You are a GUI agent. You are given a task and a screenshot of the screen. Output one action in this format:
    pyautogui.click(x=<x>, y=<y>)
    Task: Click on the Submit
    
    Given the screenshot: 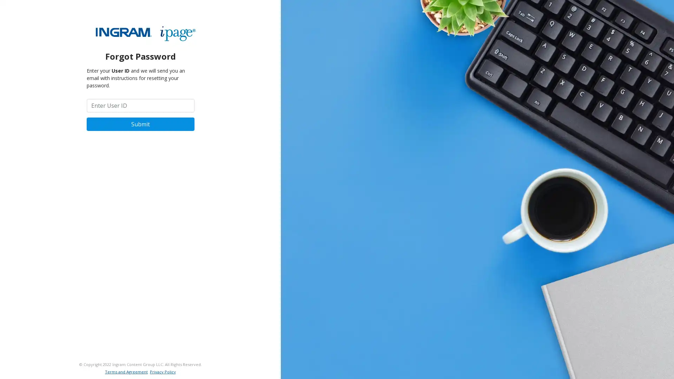 What is the action you would take?
    pyautogui.click(x=140, y=124)
    